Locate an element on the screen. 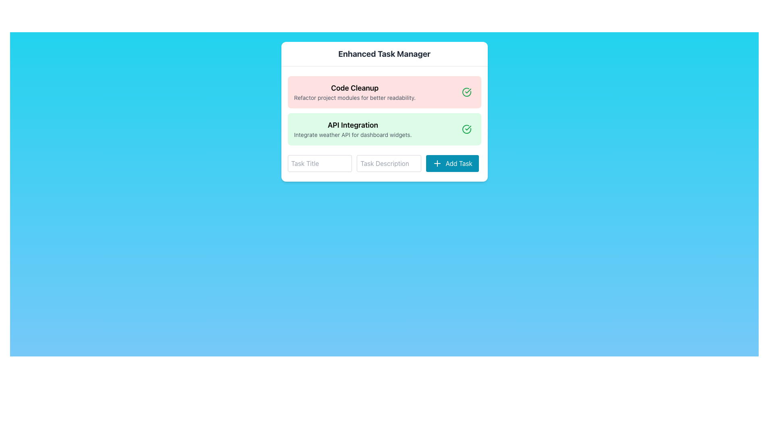 The width and height of the screenshot is (774, 435). the text label displaying 'Refactor project modules for better readability.' which is positioned beneath the heading 'Code Cleanup' is located at coordinates (355, 97).